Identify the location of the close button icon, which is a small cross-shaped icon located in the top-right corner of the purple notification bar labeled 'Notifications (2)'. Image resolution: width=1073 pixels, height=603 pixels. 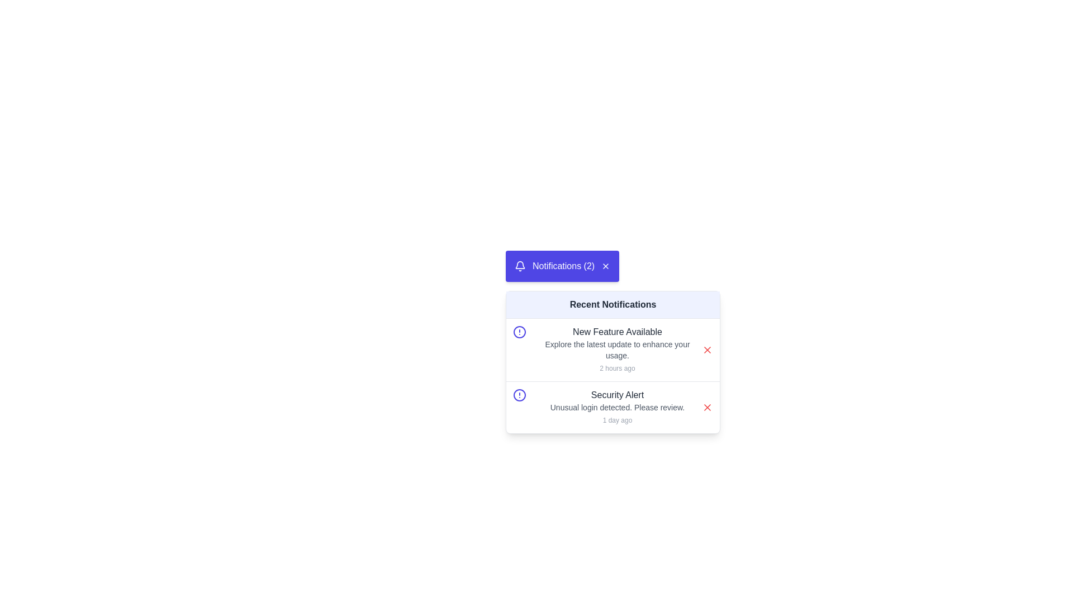
(605, 266).